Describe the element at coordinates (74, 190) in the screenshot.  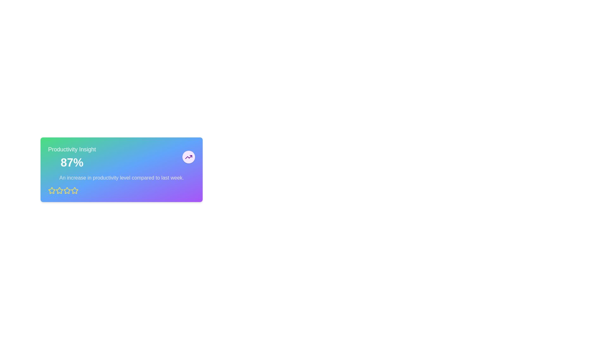
I see `the star-shaped icon with a yellow outline` at that location.